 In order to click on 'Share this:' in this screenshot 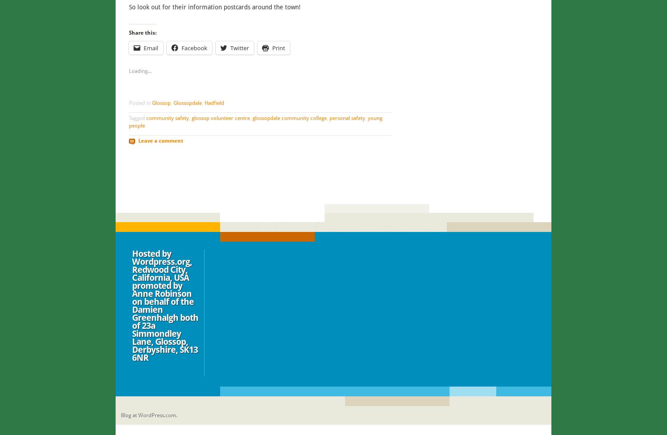, I will do `click(129, 32)`.